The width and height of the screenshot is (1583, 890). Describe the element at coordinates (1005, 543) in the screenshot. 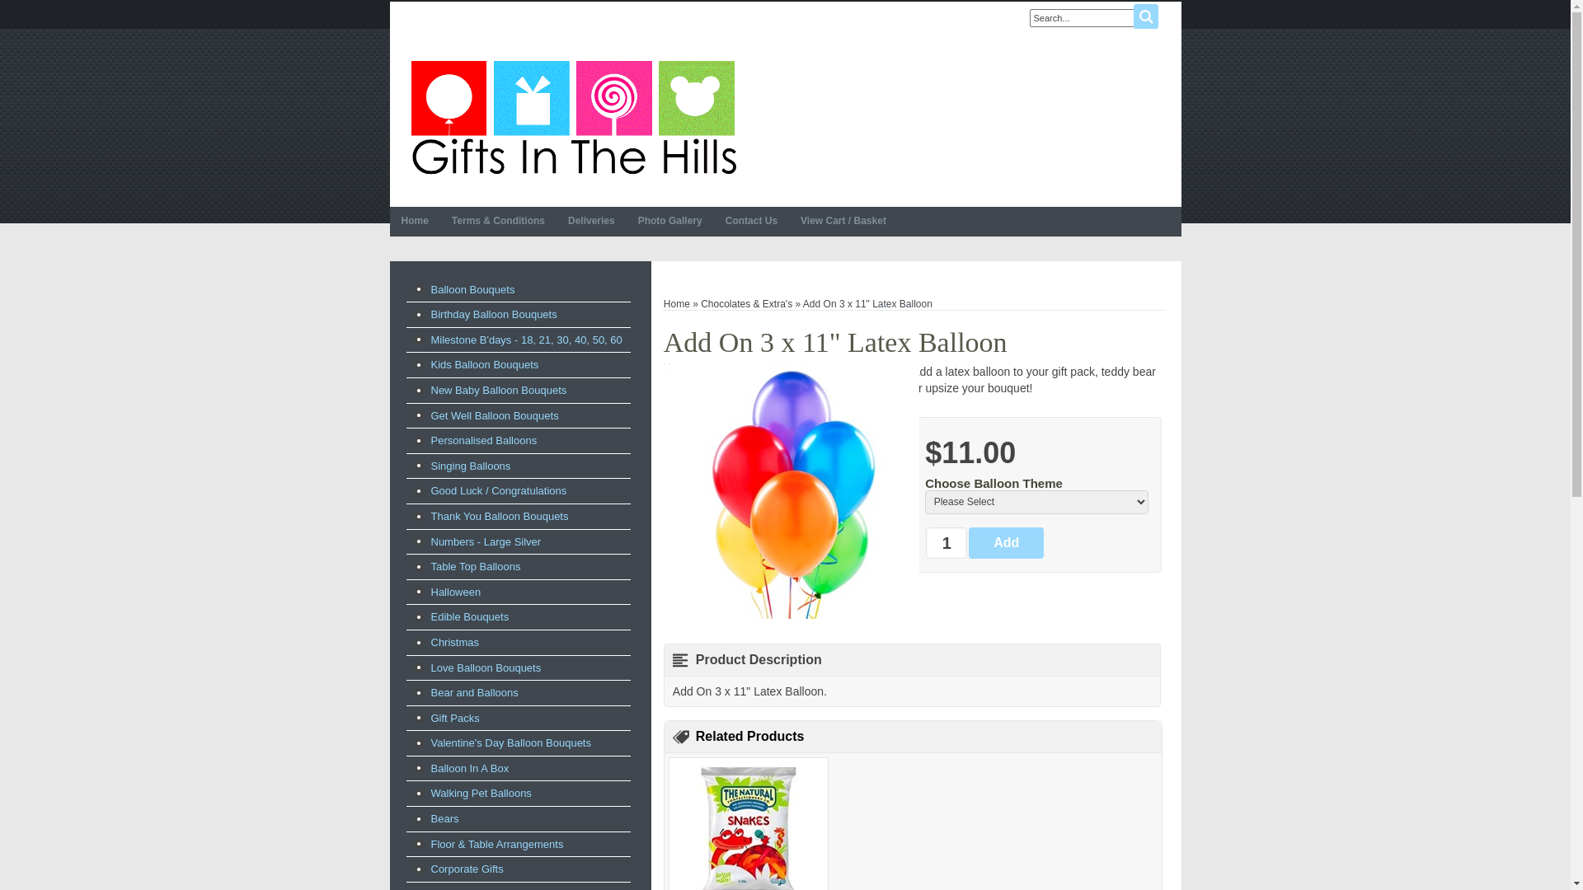

I see `'Add'` at that location.